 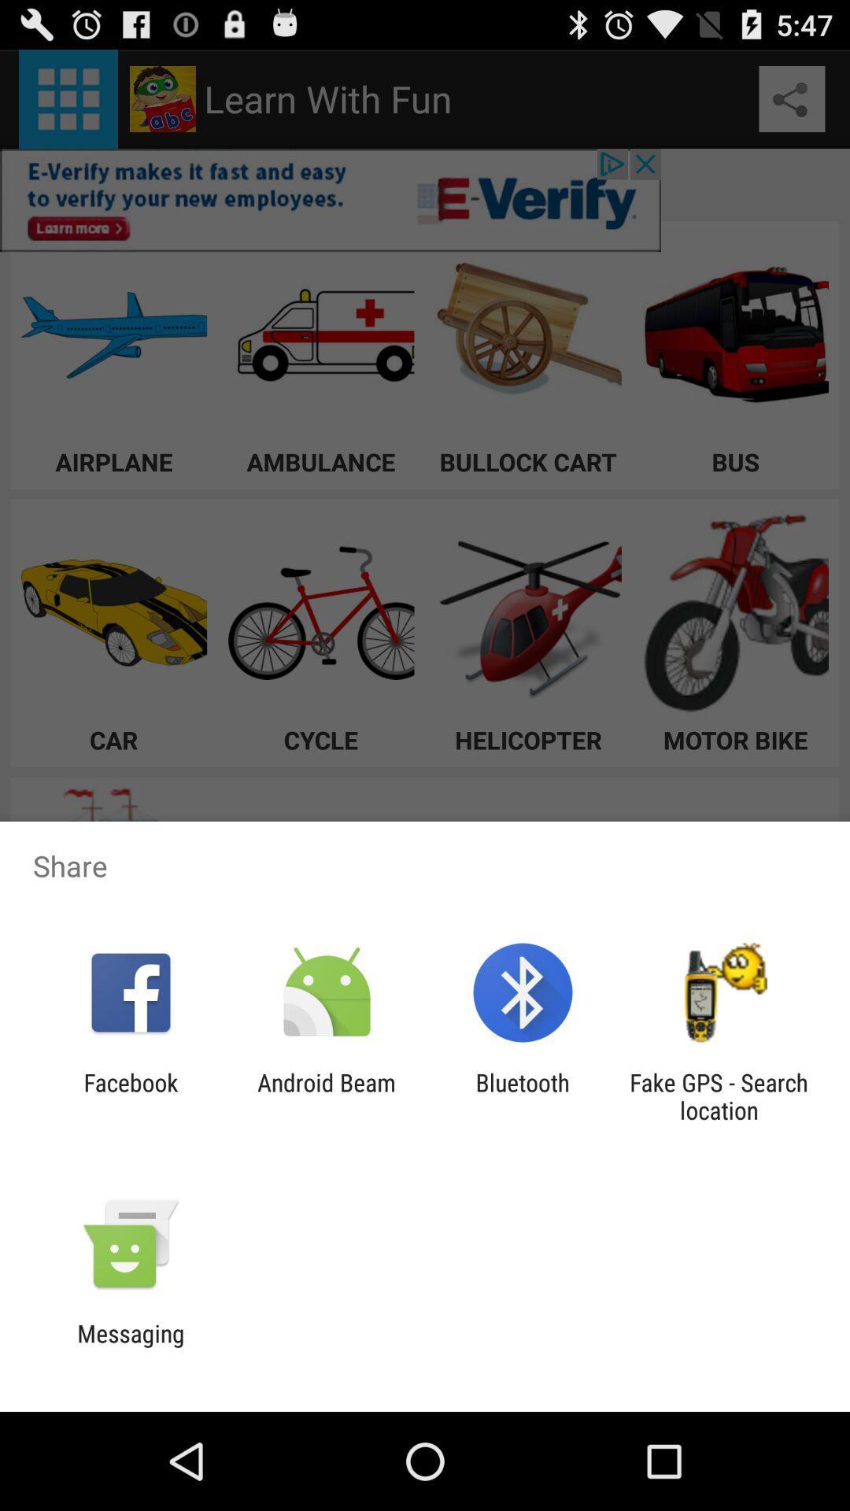 I want to click on app to the left of the fake gps search, so click(x=523, y=1095).